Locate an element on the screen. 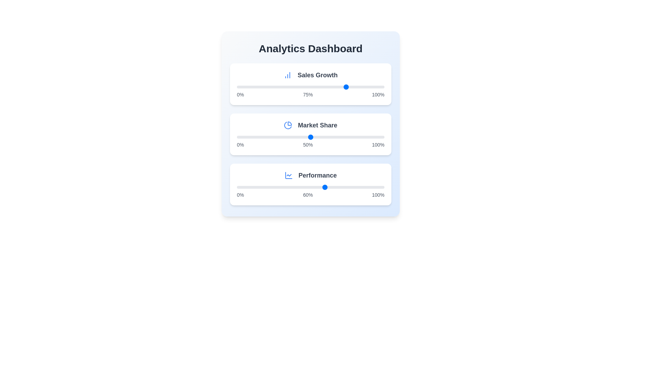 The height and width of the screenshot is (376, 668). the slider for 'Market Share' to set its value to 81 is located at coordinates (356, 137).